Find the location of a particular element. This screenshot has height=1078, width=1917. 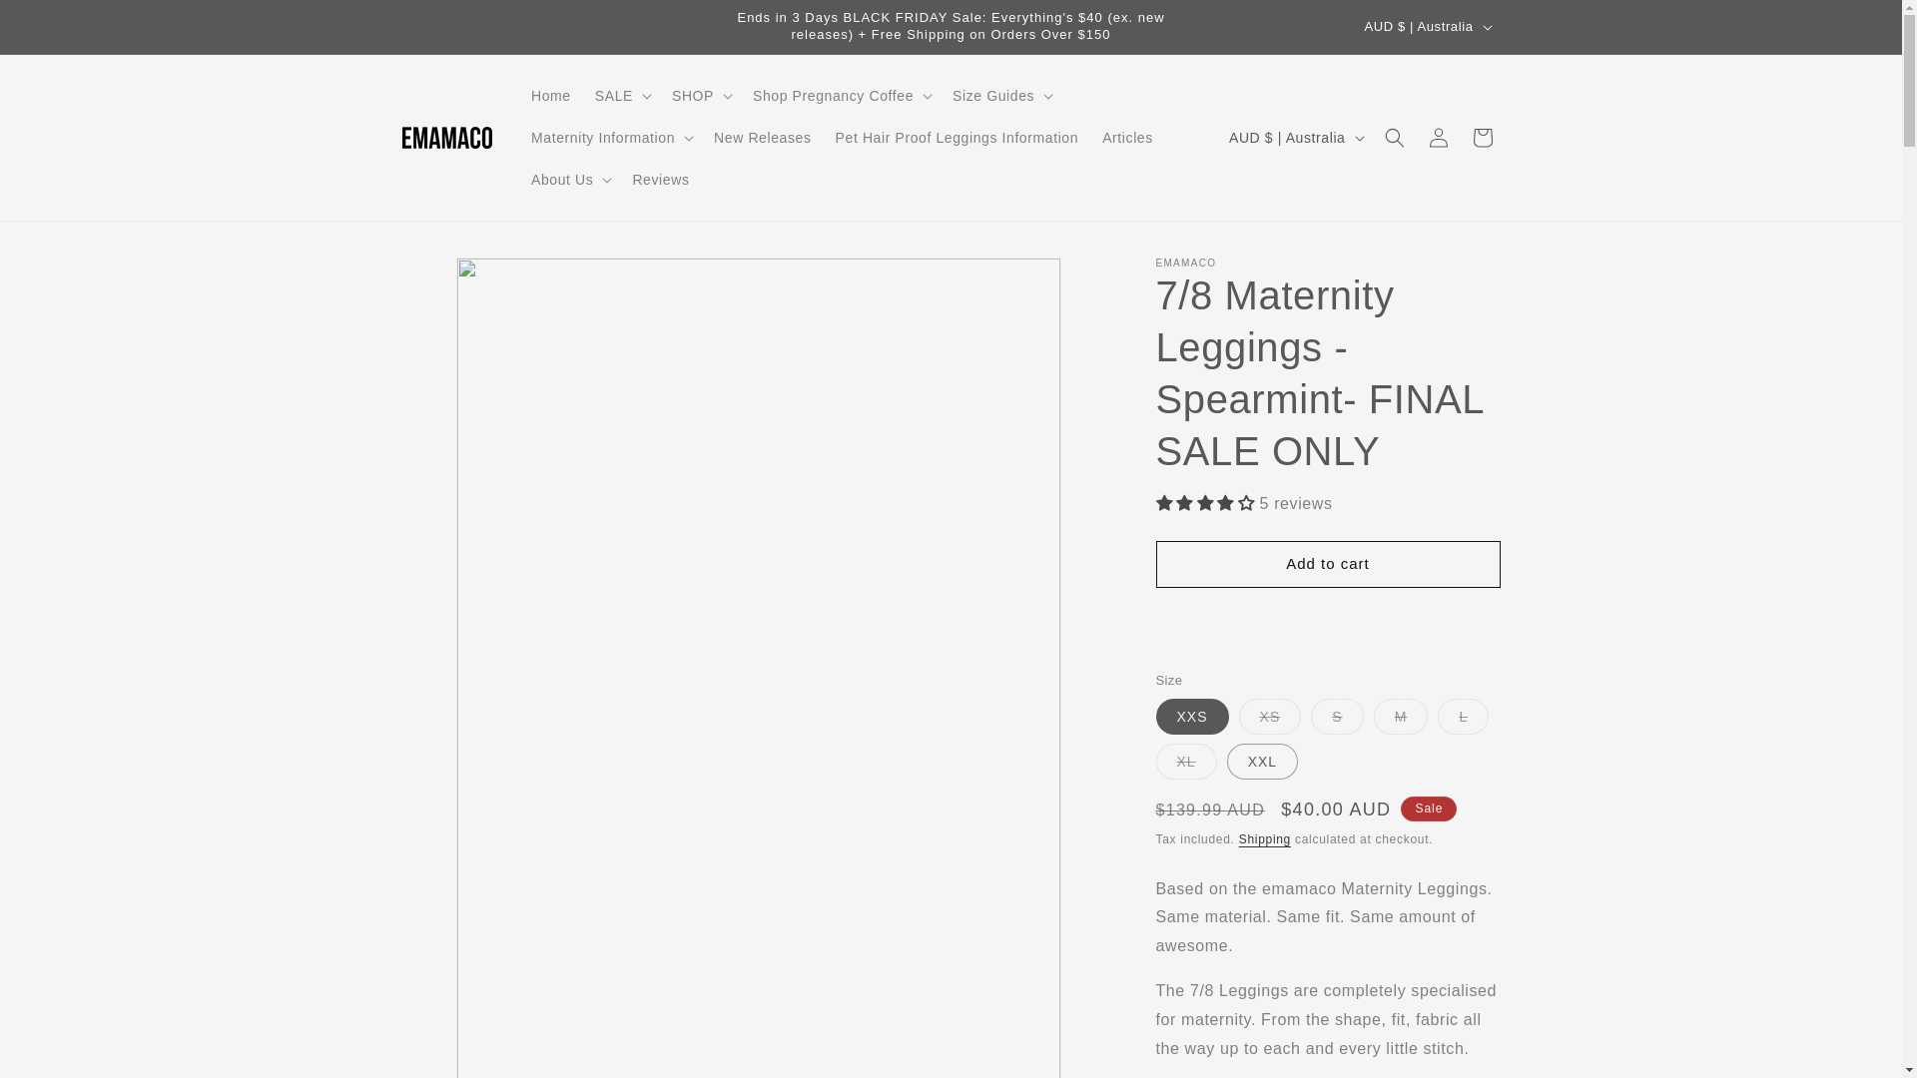

'Cart' is located at coordinates (1481, 137).